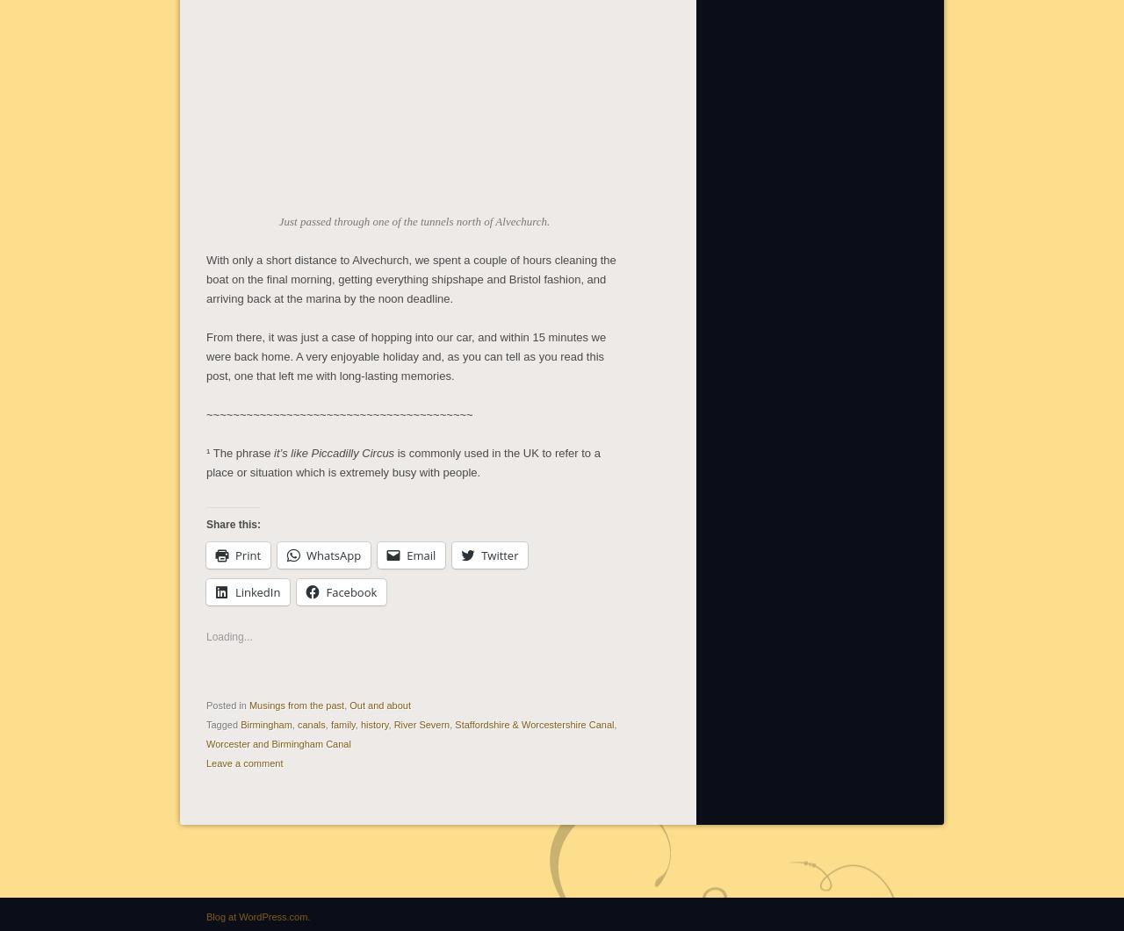 Image resolution: width=1124 pixels, height=931 pixels. I want to click on 'Birmingham', so click(264, 722).